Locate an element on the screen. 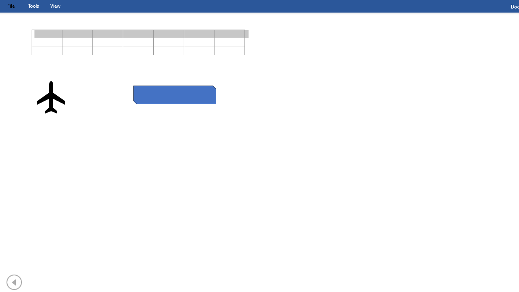 The width and height of the screenshot is (519, 292). 'Tools' is located at coordinates (33, 6).